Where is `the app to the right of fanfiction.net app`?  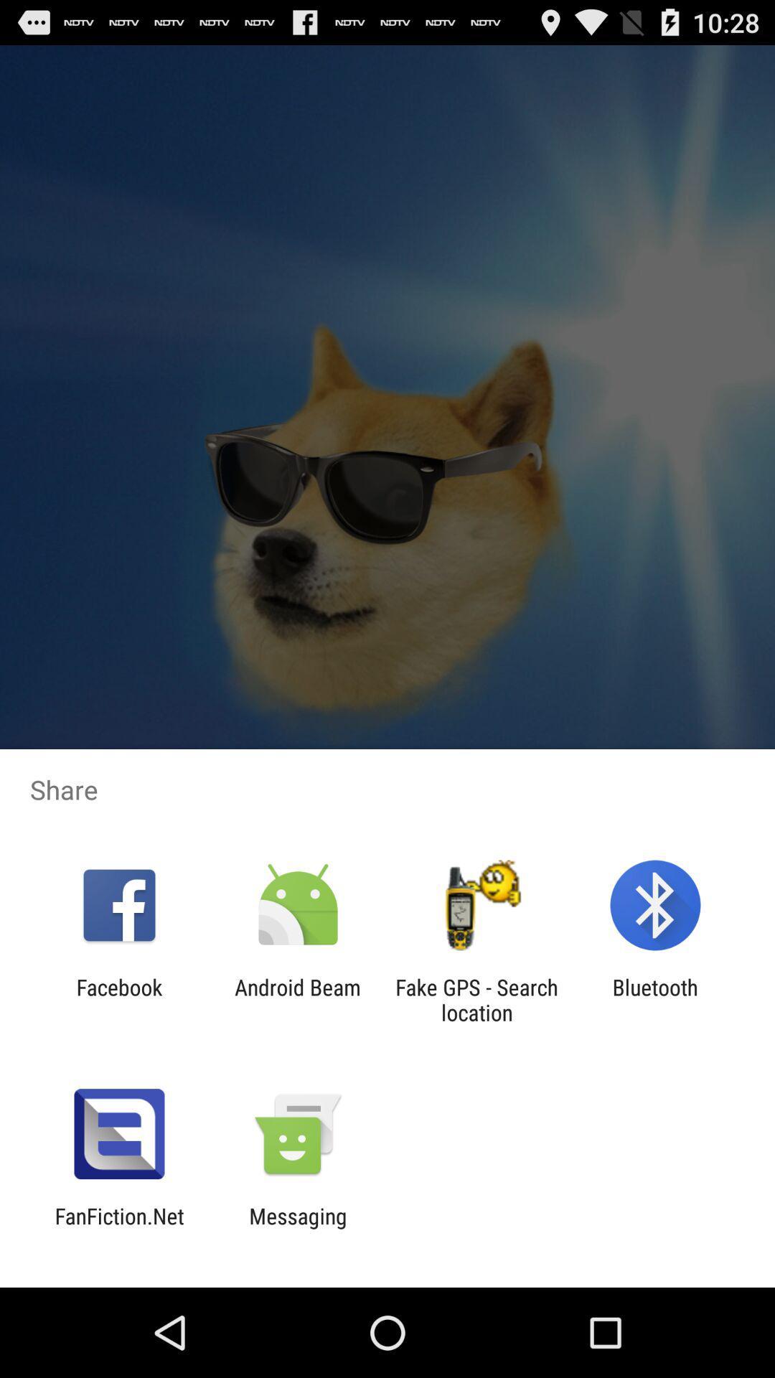 the app to the right of fanfiction.net app is located at coordinates (297, 1228).